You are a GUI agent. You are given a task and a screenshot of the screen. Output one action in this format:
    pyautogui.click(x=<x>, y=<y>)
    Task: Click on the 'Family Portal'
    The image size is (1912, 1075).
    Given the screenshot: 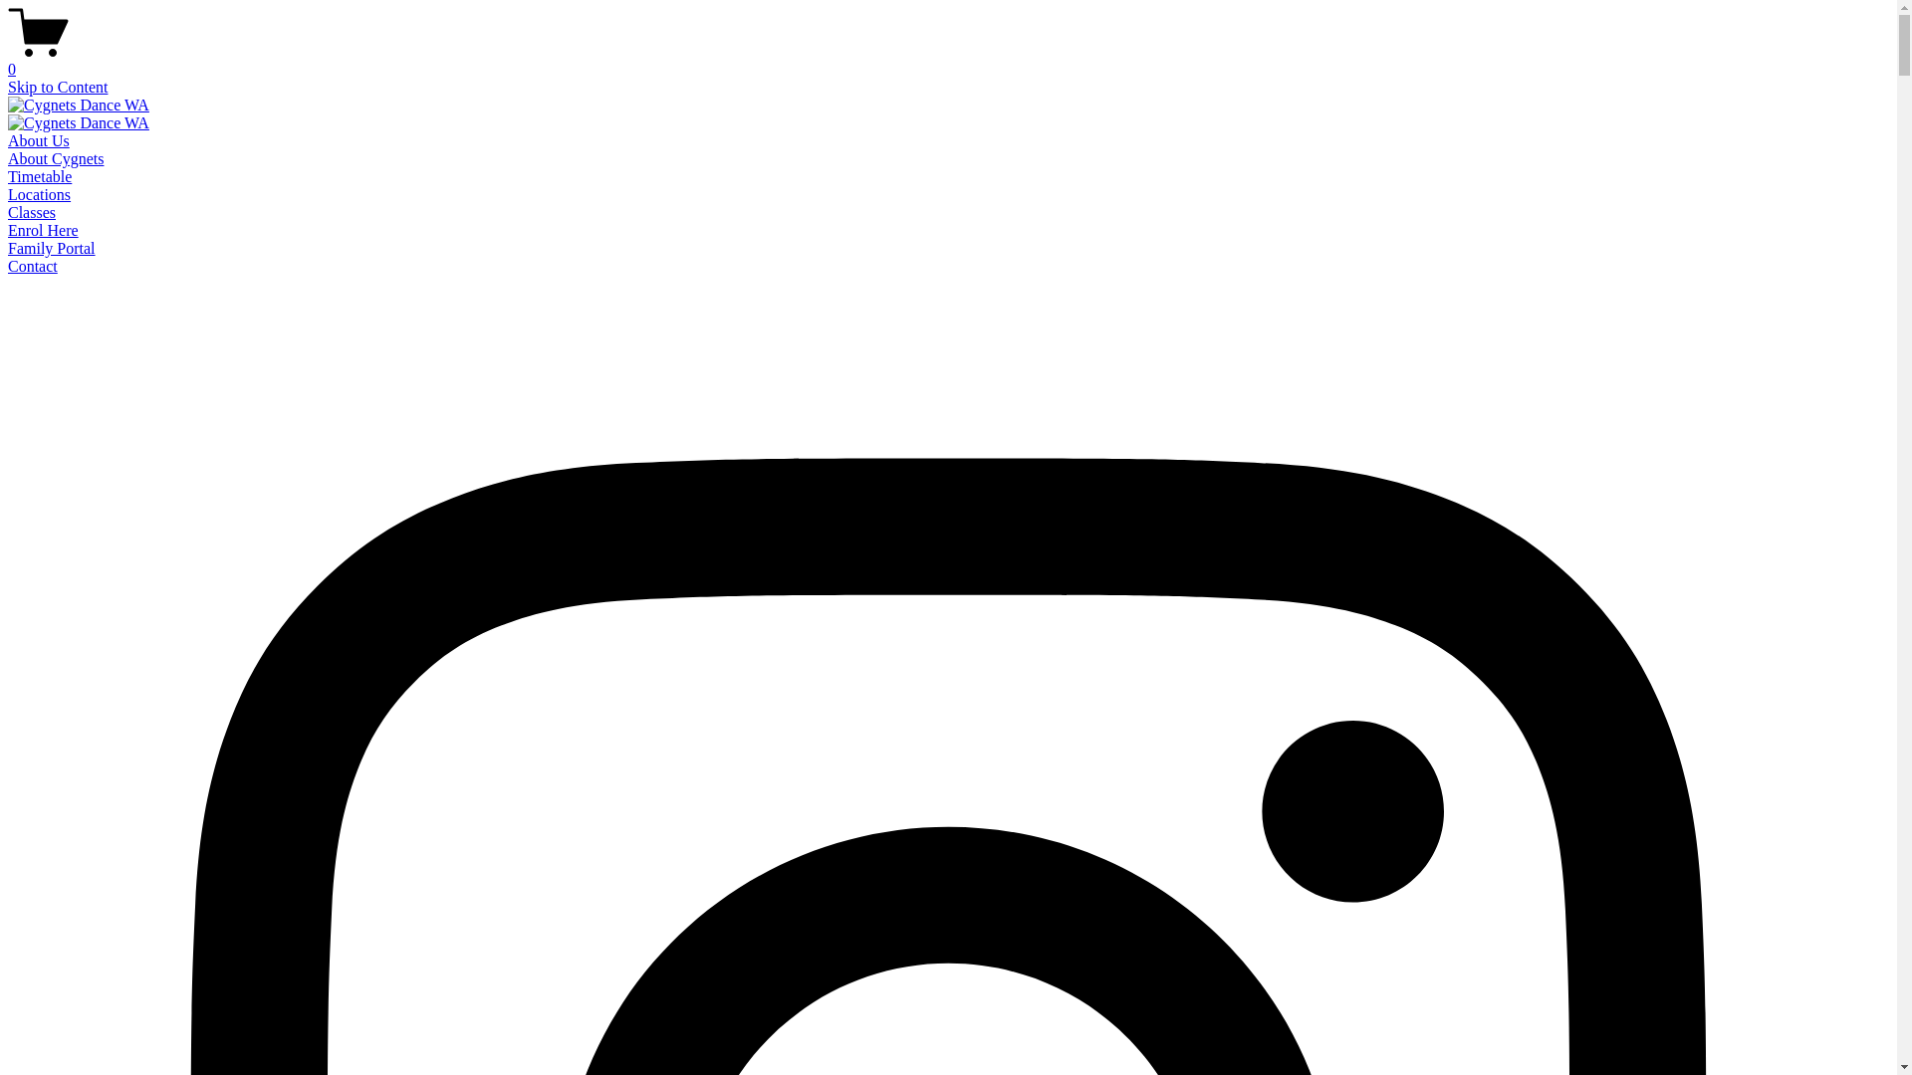 What is the action you would take?
    pyautogui.click(x=52, y=247)
    